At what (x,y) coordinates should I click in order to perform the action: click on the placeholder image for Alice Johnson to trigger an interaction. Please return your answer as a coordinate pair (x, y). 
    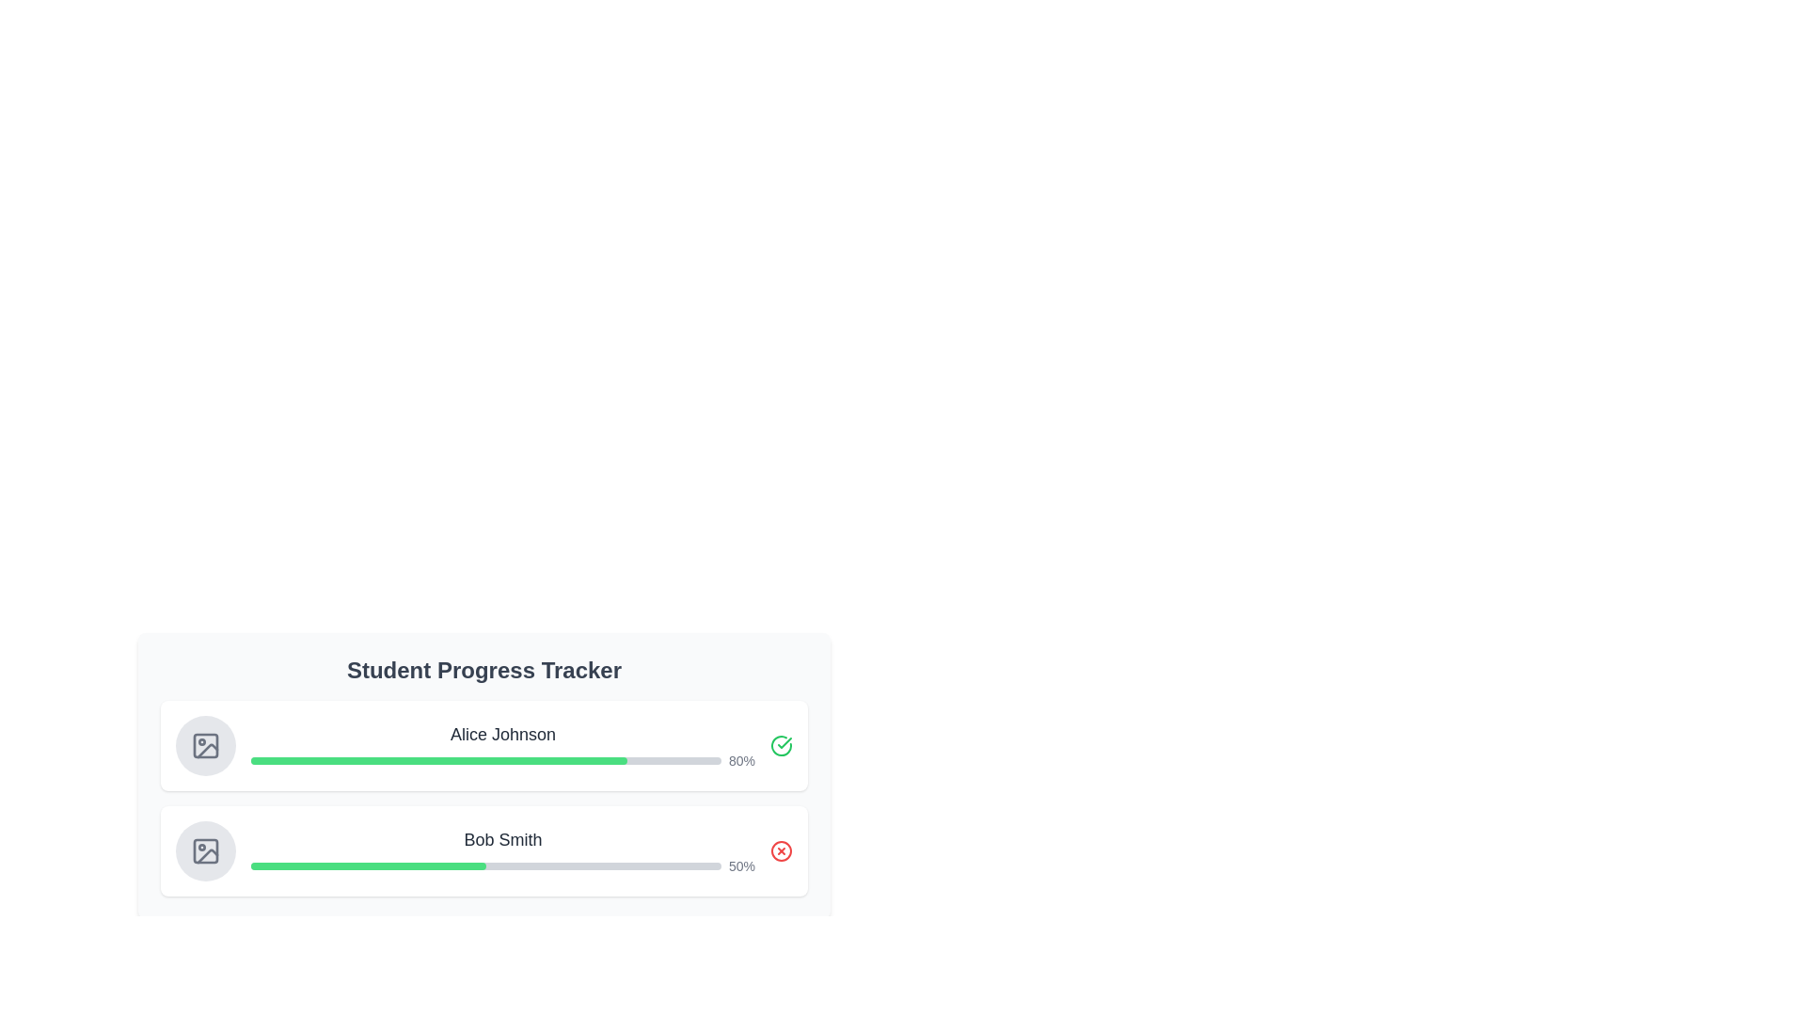
    Looking at the image, I should click on (206, 745).